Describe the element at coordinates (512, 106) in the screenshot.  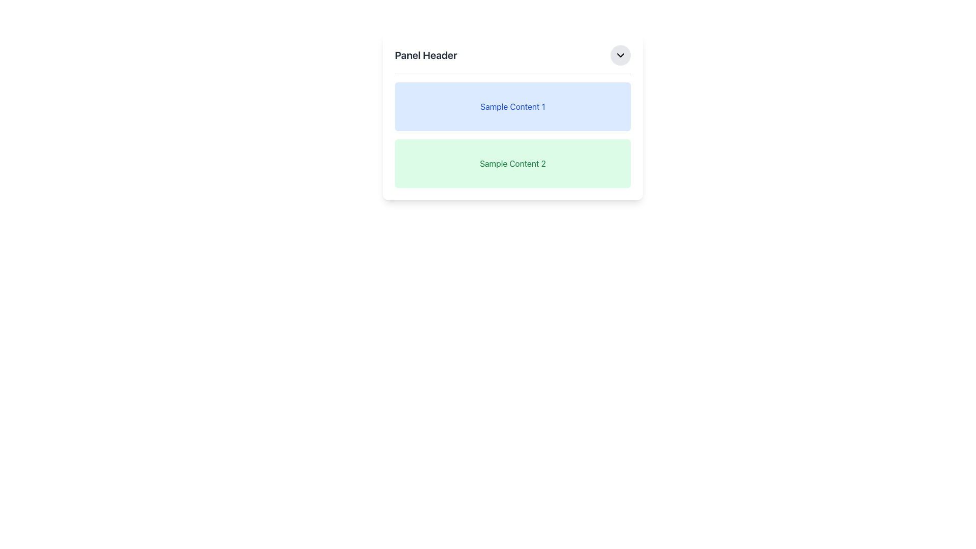
I see `the static text label that reads 'Sample Content 1', which is styled with a blue font color and positioned within a light blue rectangular box below 'Panel Header'` at that location.